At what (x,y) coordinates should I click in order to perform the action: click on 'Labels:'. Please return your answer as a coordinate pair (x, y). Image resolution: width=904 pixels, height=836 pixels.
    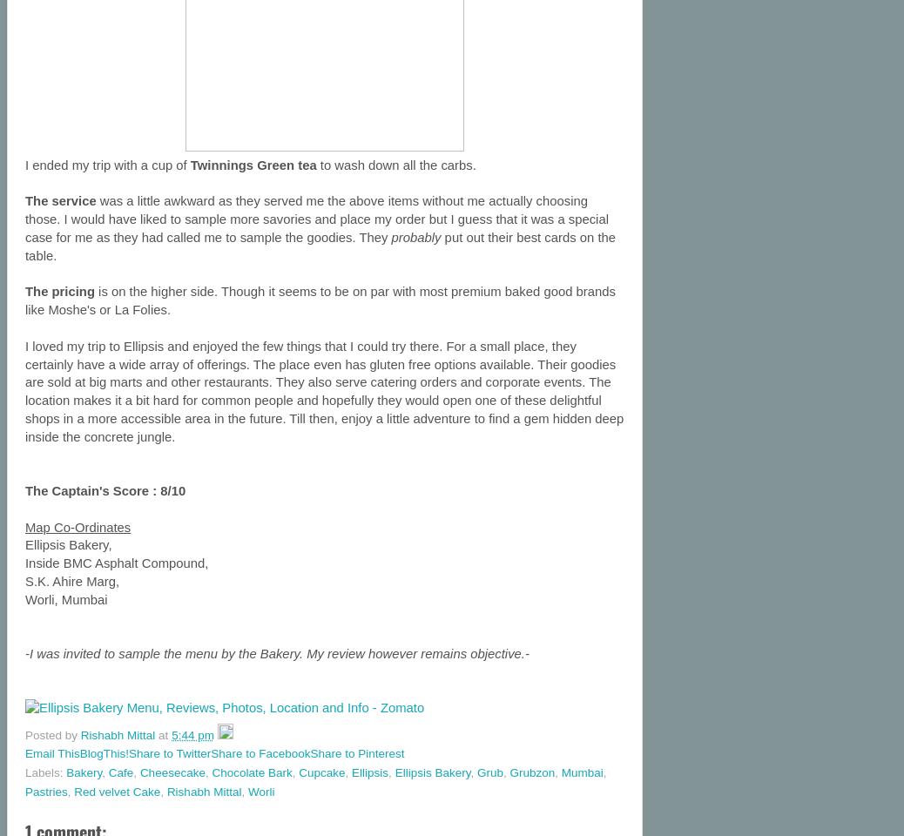
    Looking at the image, I should click on (44, 772).